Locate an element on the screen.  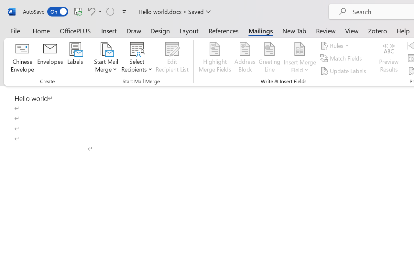
'Mailings' is located at coordinates (261, 30).